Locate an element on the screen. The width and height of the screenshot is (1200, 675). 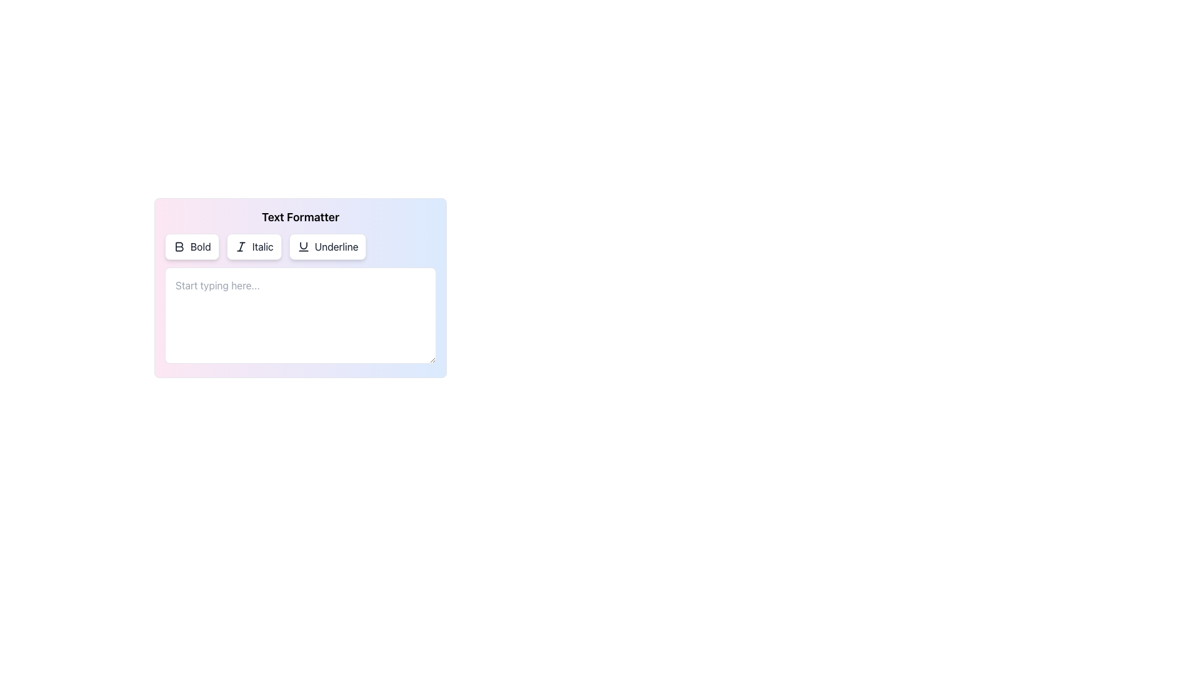
the bold icon represented by a stylized 'B' shape within the interactive button group to apply bold styling is located at coordinates (179, 246).